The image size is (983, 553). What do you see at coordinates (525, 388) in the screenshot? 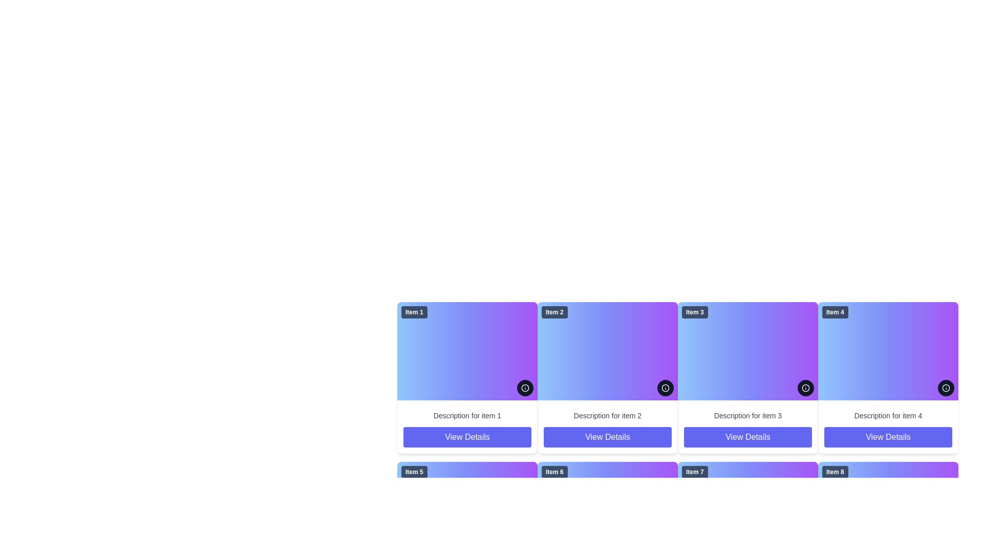
I see `the informational SVG icon located at the bottom right corner of the card representing 'Item 2', which is part of a circular button with a gray background and white text` at bounding box center [525, 388].